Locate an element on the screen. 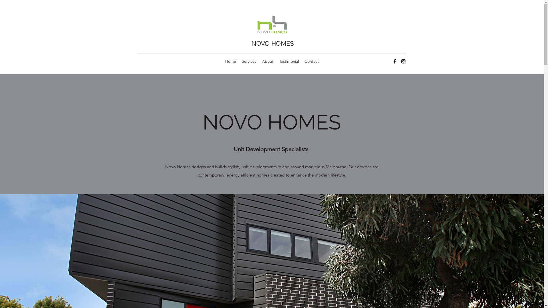 The image size is (548, 308). 'NOVO HOMES' is located at coordinates (272, 43).